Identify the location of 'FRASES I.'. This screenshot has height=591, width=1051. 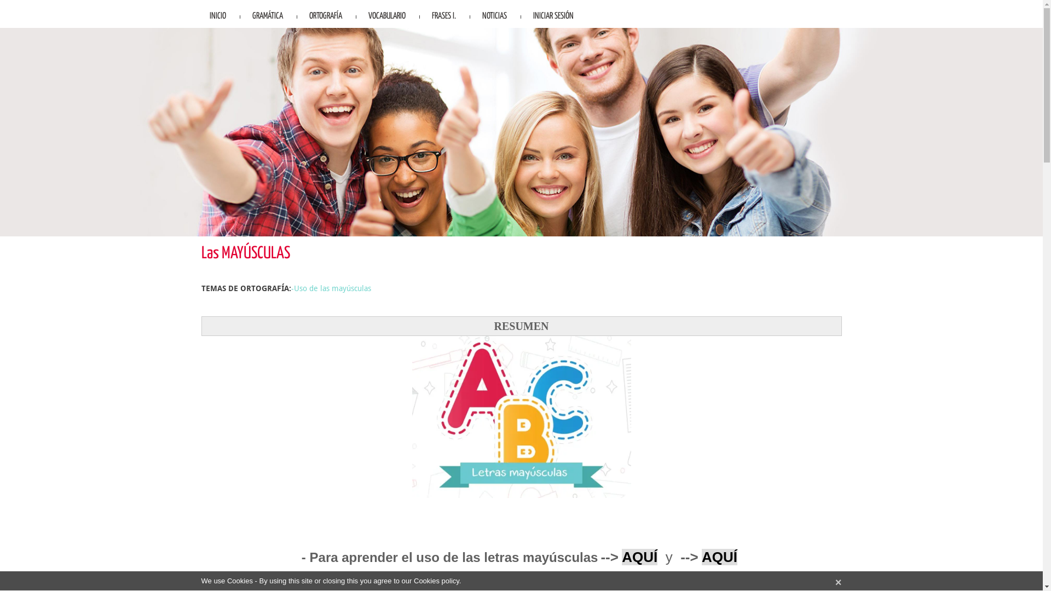
(444, 14).